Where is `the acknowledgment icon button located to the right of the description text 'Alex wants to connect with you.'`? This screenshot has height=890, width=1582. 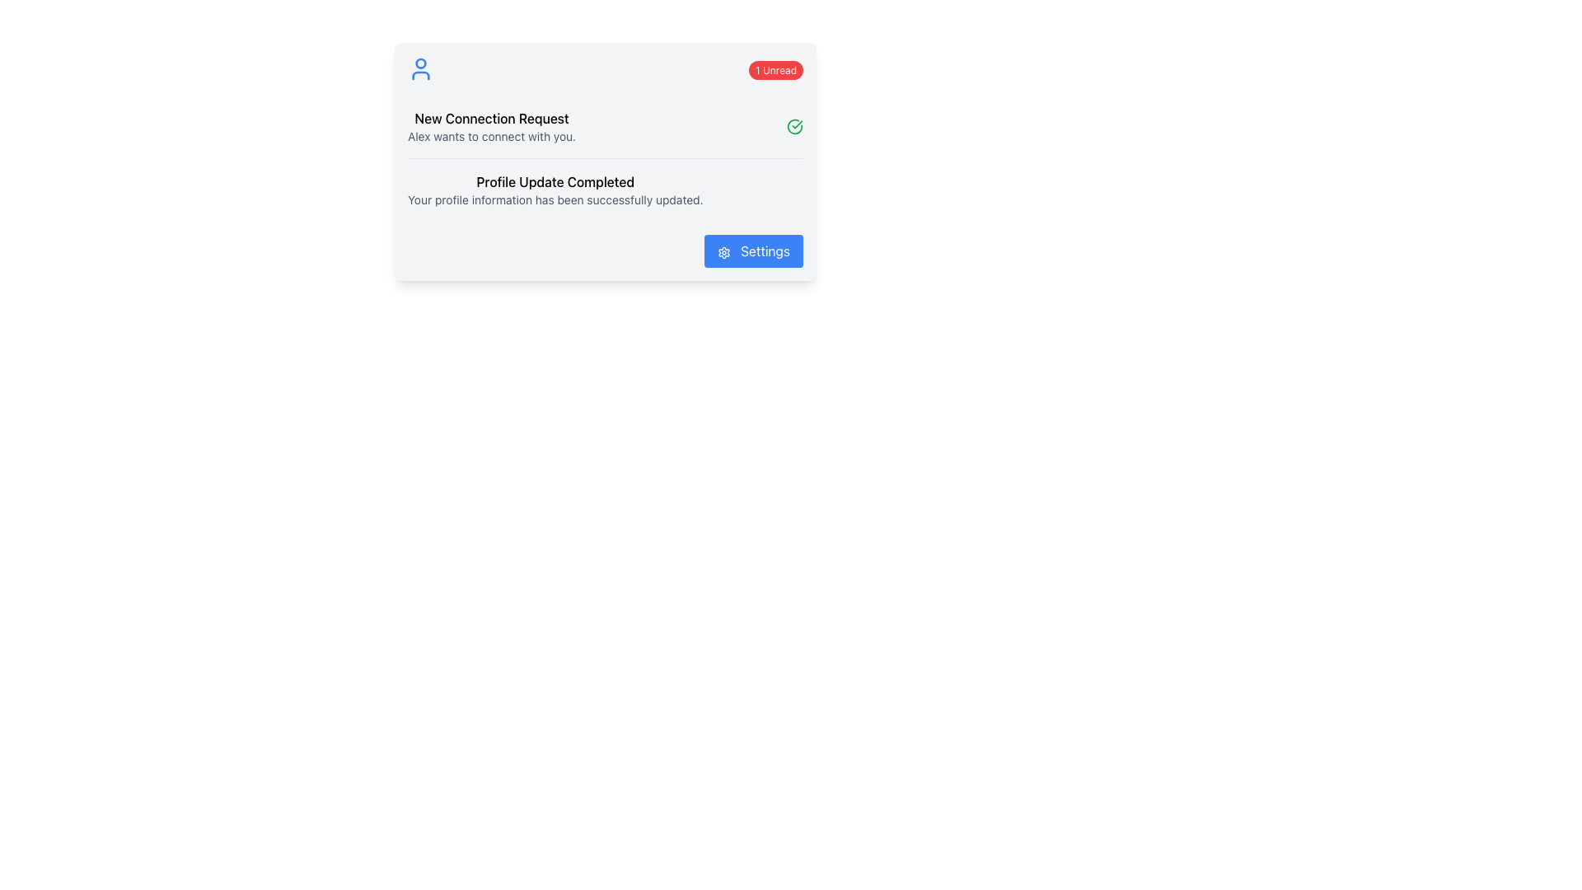 the acknowledgment icon button located to the right of the description text 'Alex wants to connect with you.' is located at coordinates (794, 126).